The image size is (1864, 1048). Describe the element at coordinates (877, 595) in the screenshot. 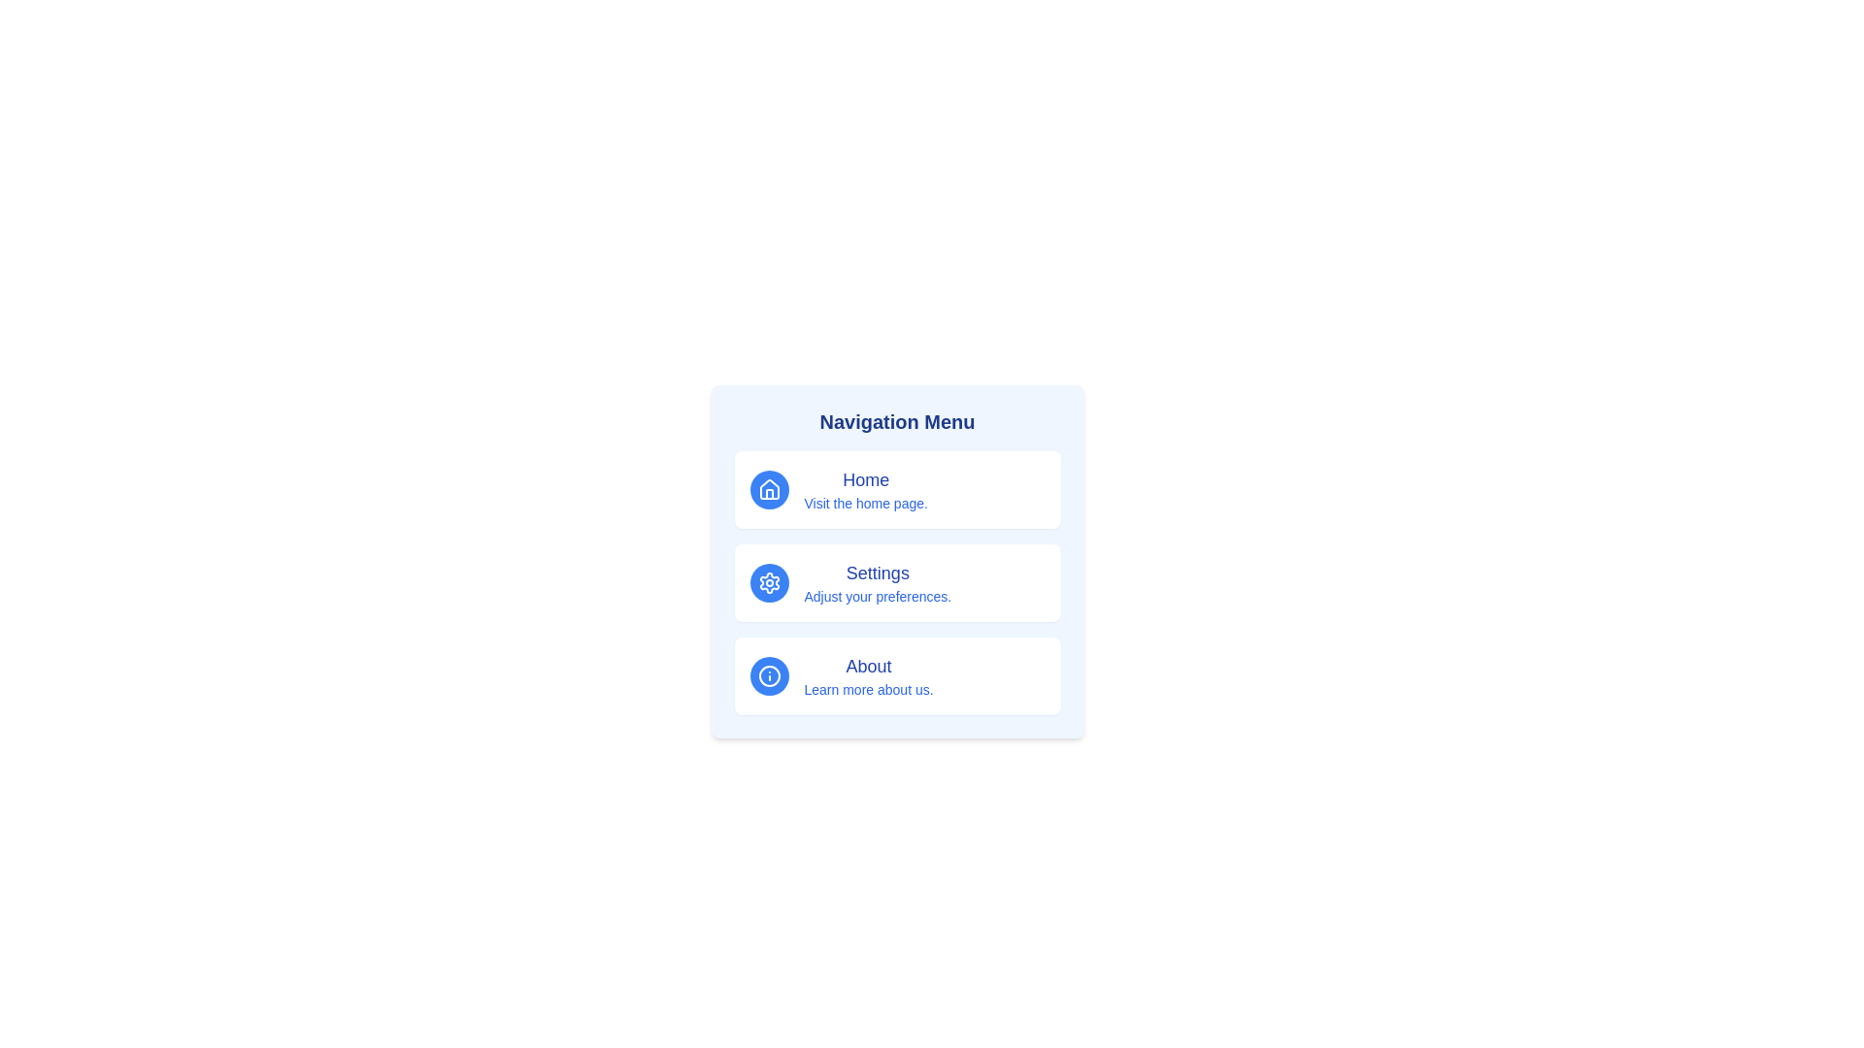

I see `the descriptive text label located below the 'Settings' heading in the menu layout` at that location.